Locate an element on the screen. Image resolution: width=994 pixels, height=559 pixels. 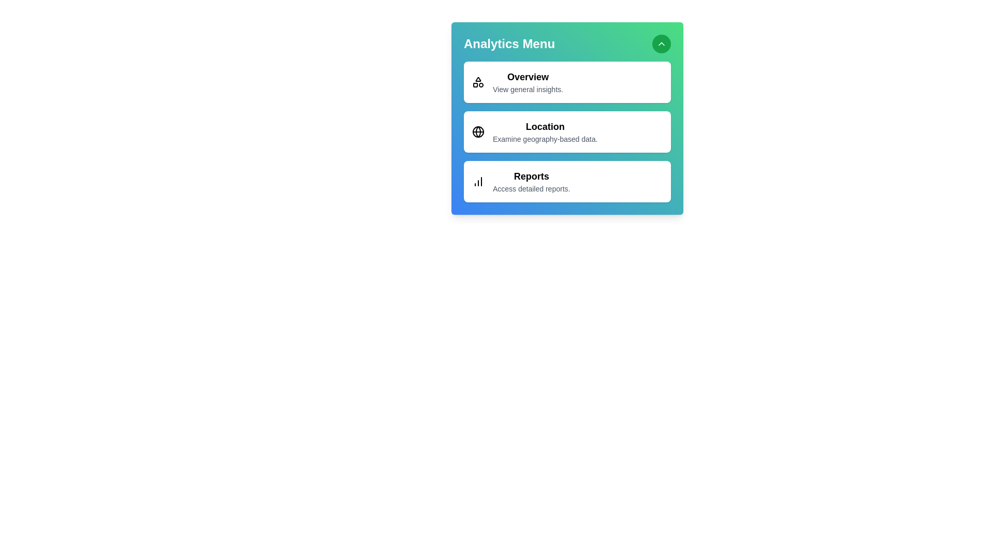
the menu item Reports to navigate to its associated section is located at coordinates (566, 181).